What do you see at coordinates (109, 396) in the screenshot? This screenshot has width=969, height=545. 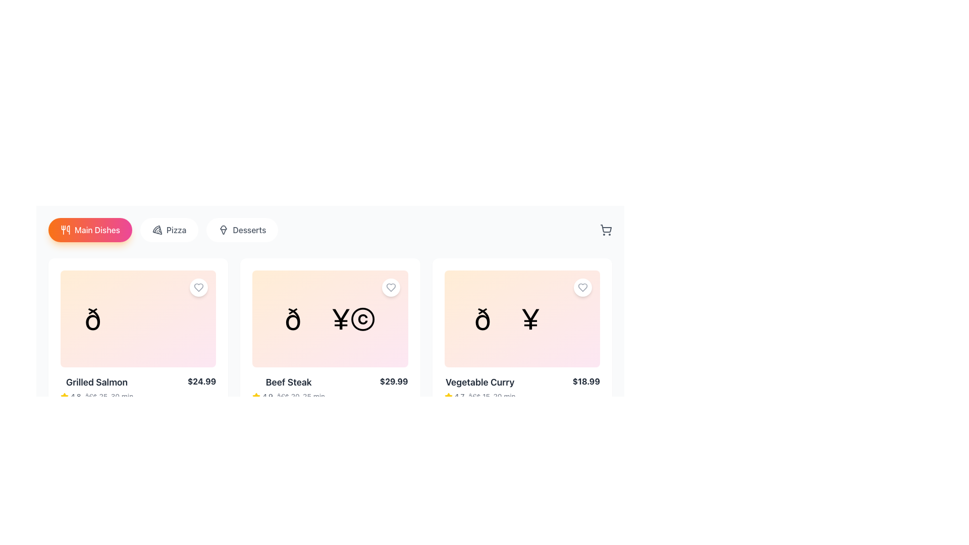 I see `the estimated delivery time label for the menu item 'Grilled Salmon', which is located below the title and after the rating value and icons` at bounding box center [109, 396].